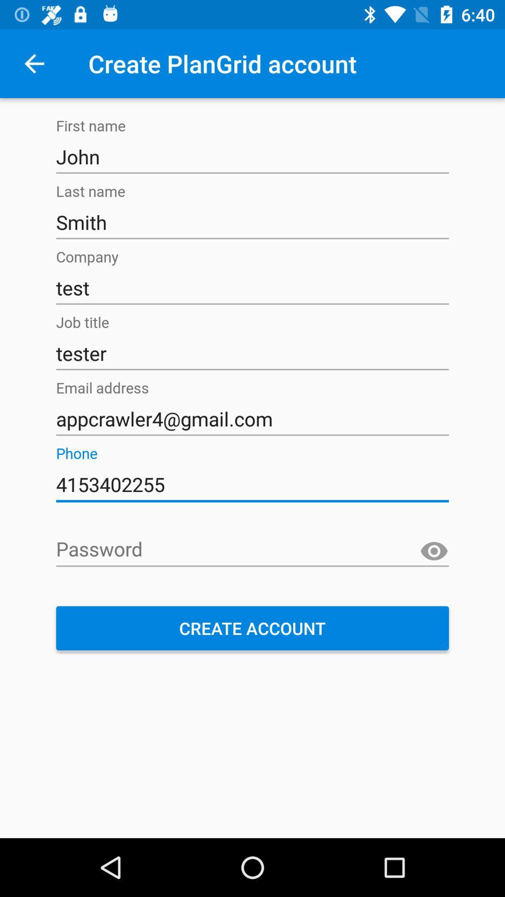 This screenshot has height=897, width=505. I want to click on the smith, so click(252, 222).